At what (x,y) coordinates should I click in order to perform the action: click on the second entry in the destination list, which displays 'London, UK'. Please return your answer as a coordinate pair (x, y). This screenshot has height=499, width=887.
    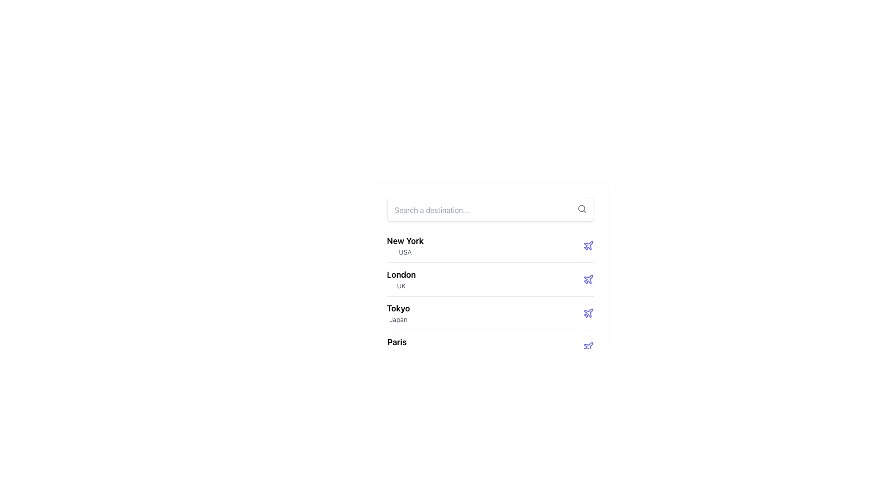
    Looking at the image, I should click on (401, 279).